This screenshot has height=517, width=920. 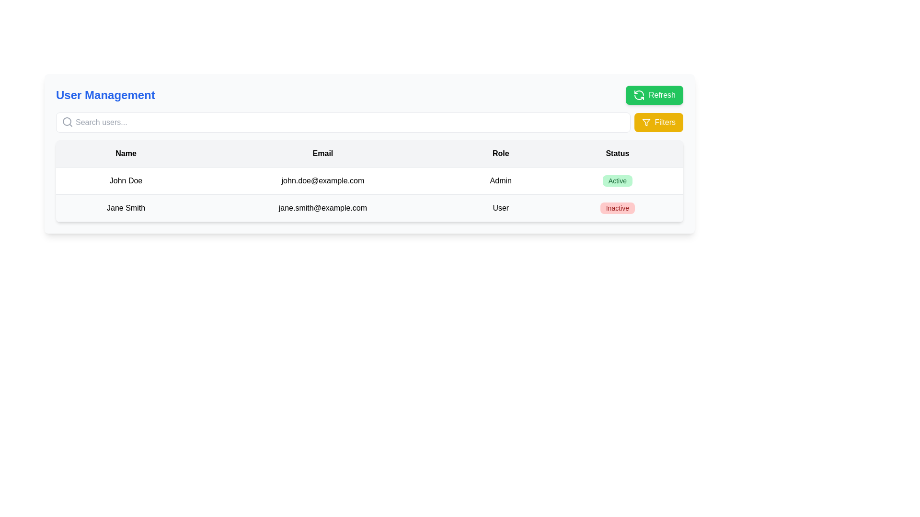 What do you see at coordinates (646, 122) in the screenshot?
I see `the yellow background filter icon with a red funnel design located at the top-right corner of the interface` at bounding box center [646, 122].